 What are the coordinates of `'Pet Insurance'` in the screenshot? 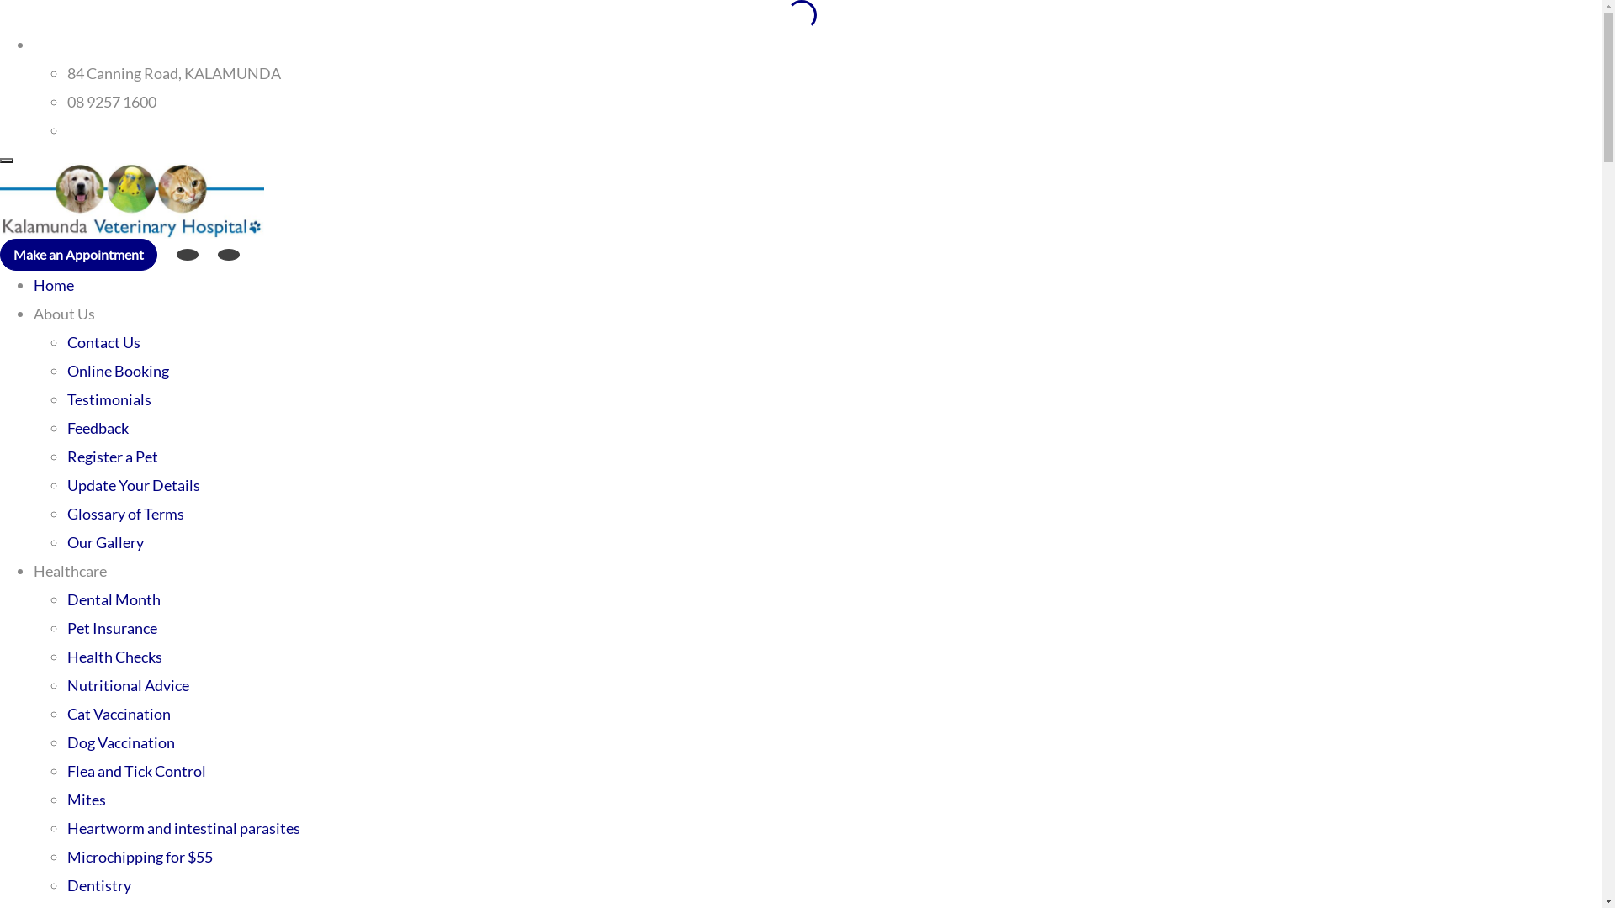 It's located at (111, 628).